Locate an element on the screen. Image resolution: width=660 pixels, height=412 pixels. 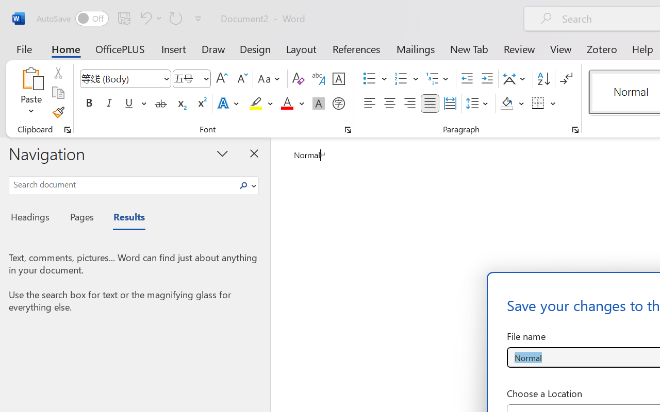
'Quick Access Toolbar' is located at coordinates (121, 18).